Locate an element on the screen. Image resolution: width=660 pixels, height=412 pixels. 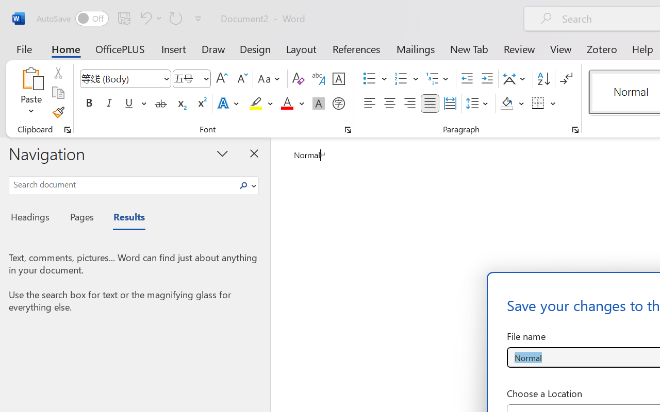
'Quick Access Toolbar' is located at coordinates (121, 18).